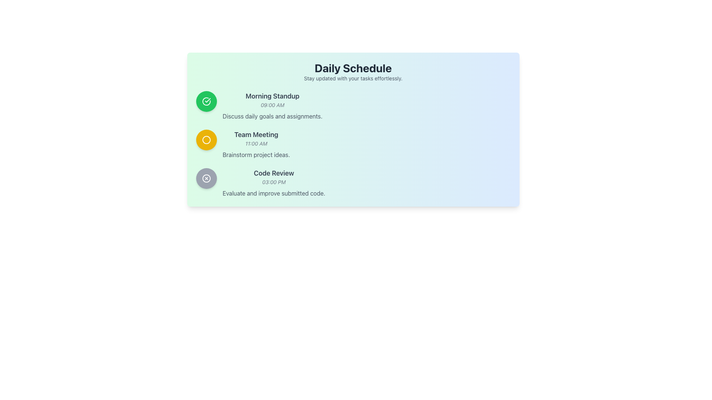  Describe the element at coordinates (256, 154) in the screenshot. I see `the text element displaying 'Brainstorm project ideas.' which is styled in gray and positioned beneath '11:00 AM' in the 'Daily Schedule' list` at that location.